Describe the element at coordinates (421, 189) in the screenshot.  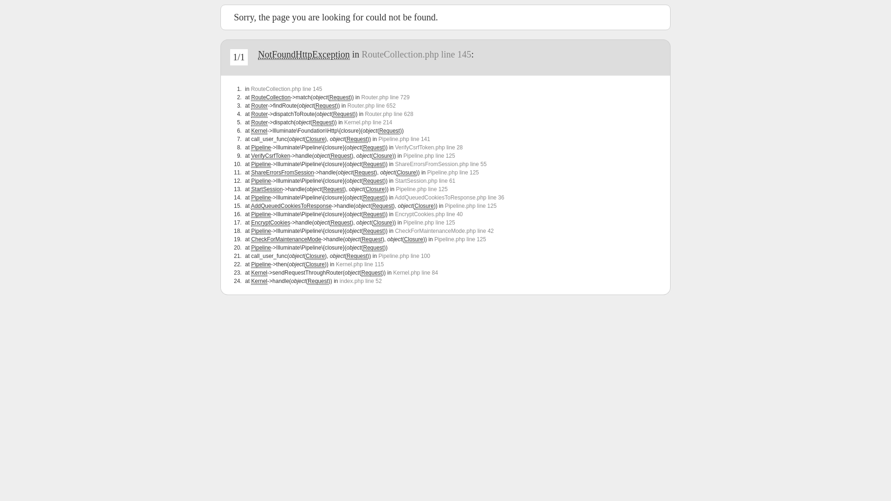
I see `'Pipeline.php line 125'` at that location.